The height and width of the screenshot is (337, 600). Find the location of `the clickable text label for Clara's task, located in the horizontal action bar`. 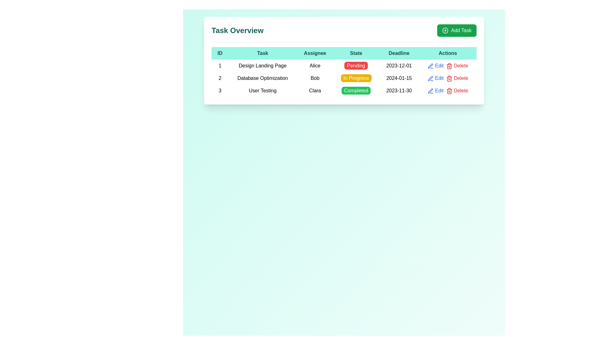

the clickable text label for Clara's task, located in the horizontal action bar is located at coordinates (435, 90).